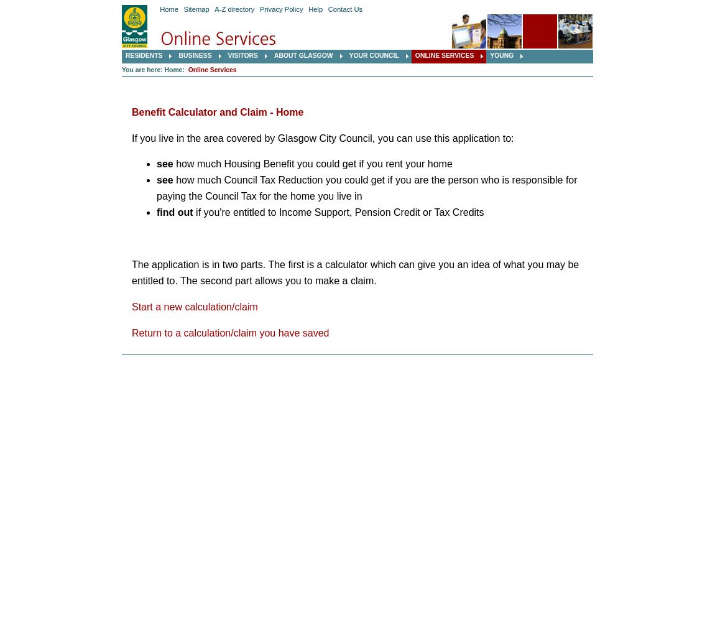 The width and height of the screenshot is (715, 622). What do you see at coordinates (338, 211) in the screenshot?
I see `'if you're entitled to Income Support, Pension Credit or Tax Credits'` at bounding box center [338, 211].